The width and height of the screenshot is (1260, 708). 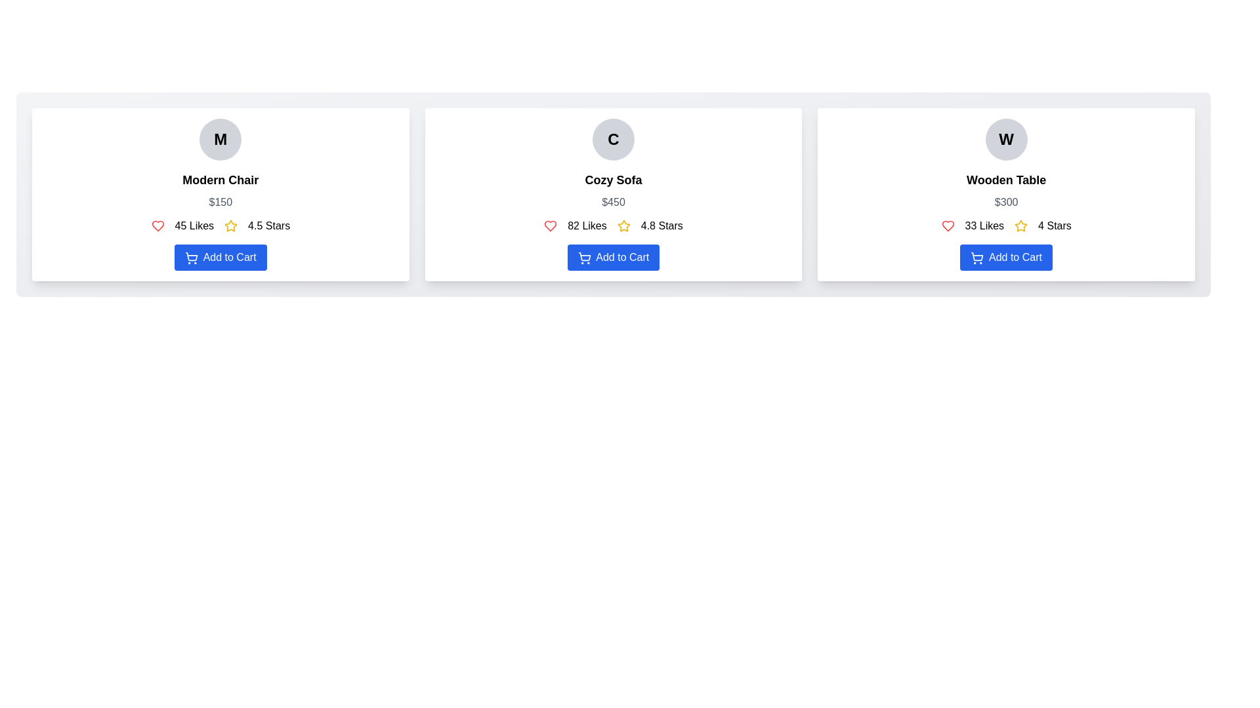 What do you see at coordinates (220, 180) in the screenshot?
I see `text label displaying 'Modern Chair', which is styled in bold and positioned under the circular icon with 'M'` at bounding box center [220, 180].